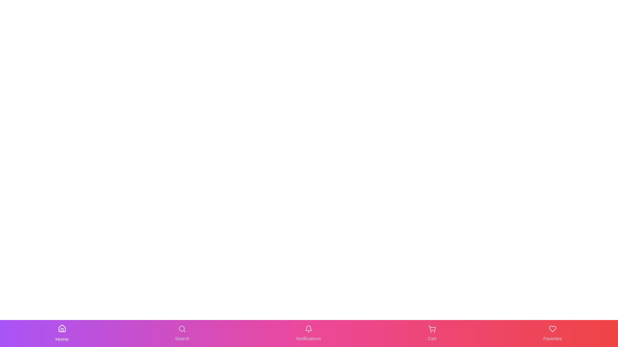  I want to click on the Notifications button to navigate to the corresponding section, so click(308, 333).